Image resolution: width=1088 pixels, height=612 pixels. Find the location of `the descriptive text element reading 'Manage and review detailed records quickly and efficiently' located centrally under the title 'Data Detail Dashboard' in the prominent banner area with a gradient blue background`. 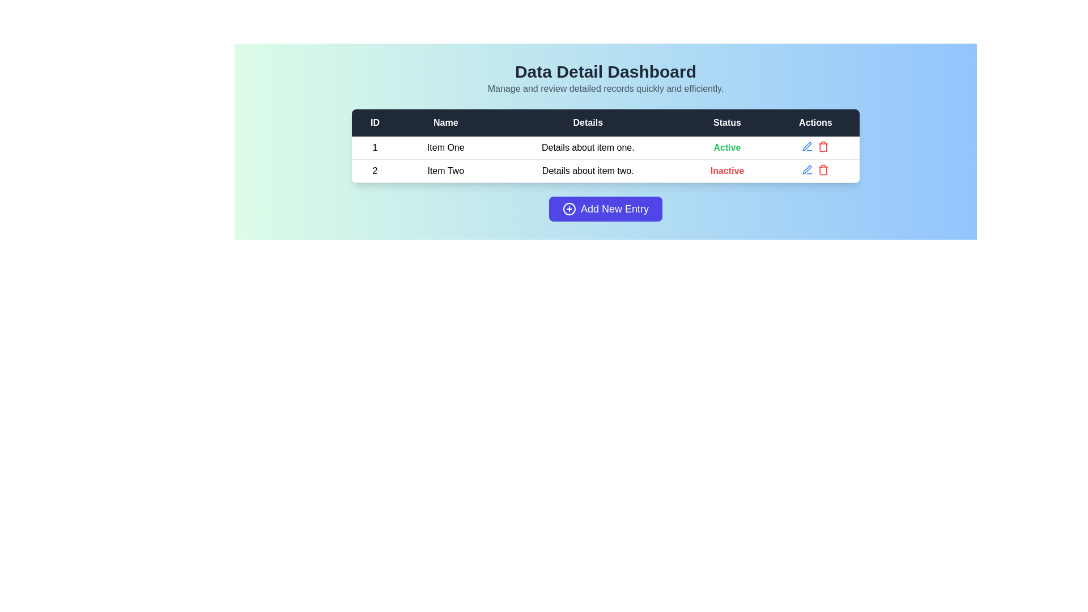

the descriptive text element reading 'Manage and review detailed records quickly and efficiently' located centrally under the title 'Data Detail Dashboard' in the prominent banner area with a gradient blue background is located at coordinates (605, 88).